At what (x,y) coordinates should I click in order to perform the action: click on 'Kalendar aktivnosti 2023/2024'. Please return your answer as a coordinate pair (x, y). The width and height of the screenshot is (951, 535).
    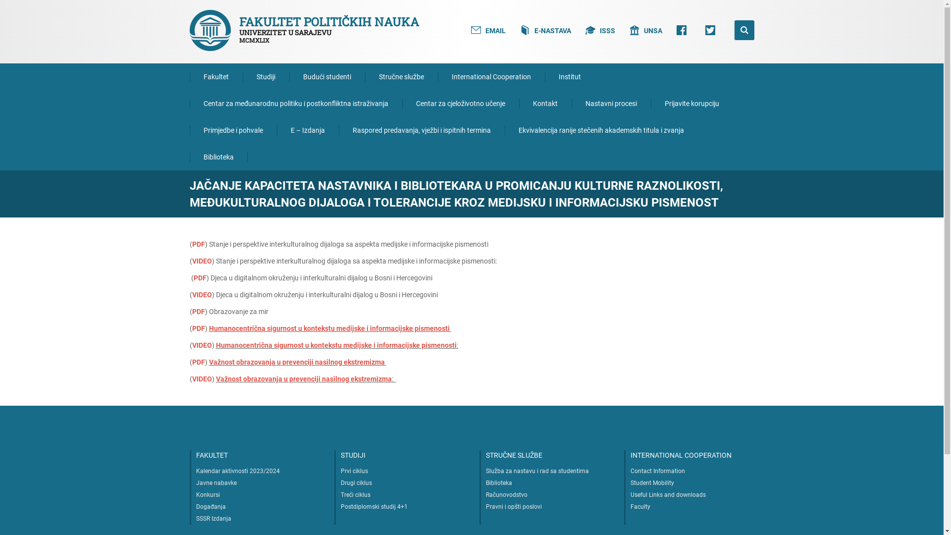
    Looking at the image, I should click on (196, 471).